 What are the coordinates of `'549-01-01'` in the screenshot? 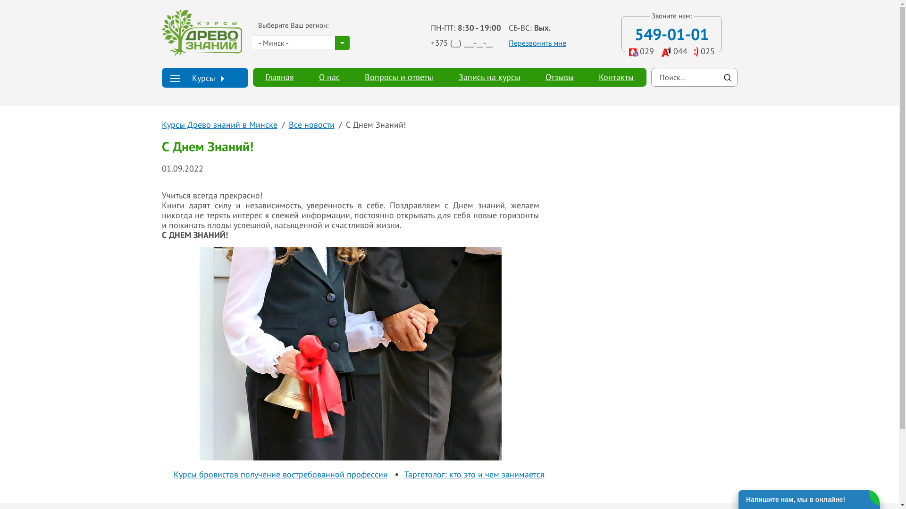 It's located at (634, 33).